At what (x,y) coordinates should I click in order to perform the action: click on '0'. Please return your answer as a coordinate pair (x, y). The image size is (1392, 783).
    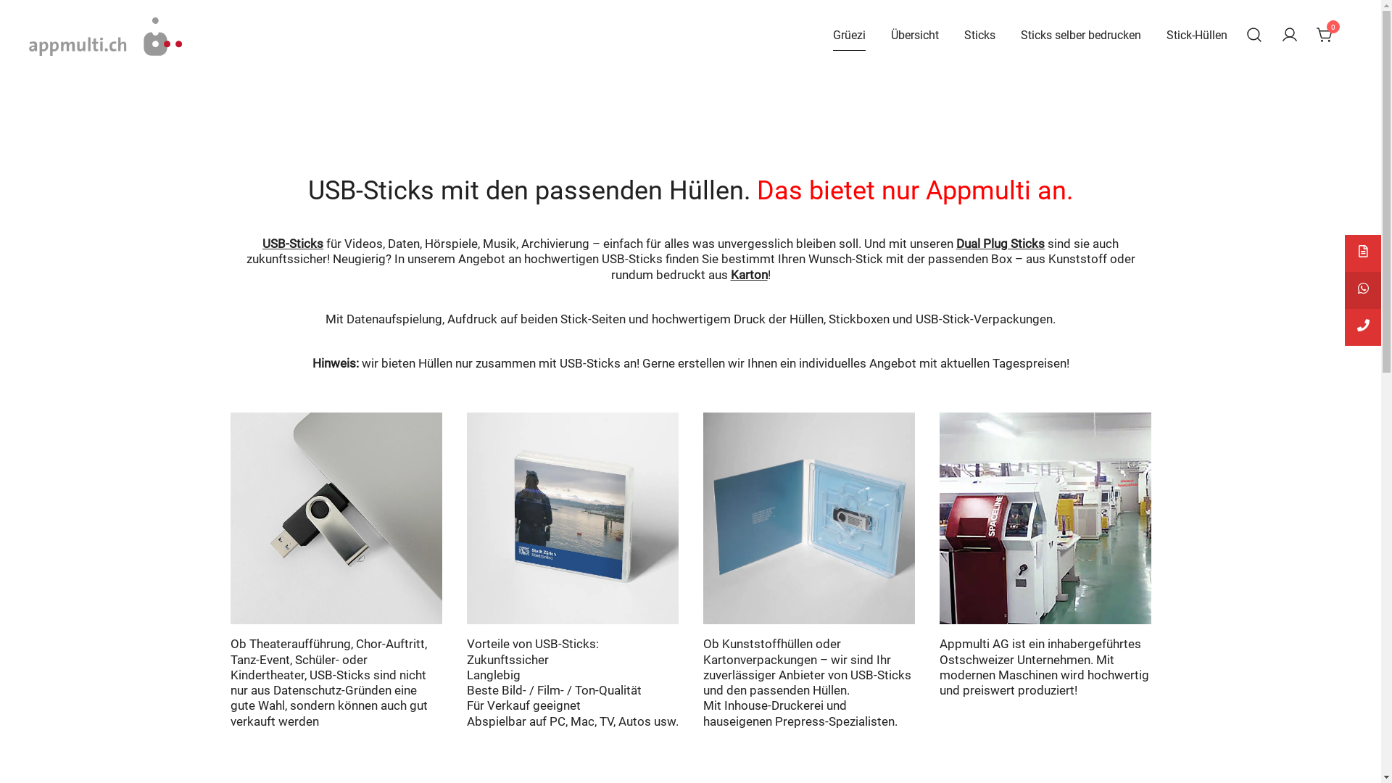
    Looking at the image, I should click on (1325, 33).